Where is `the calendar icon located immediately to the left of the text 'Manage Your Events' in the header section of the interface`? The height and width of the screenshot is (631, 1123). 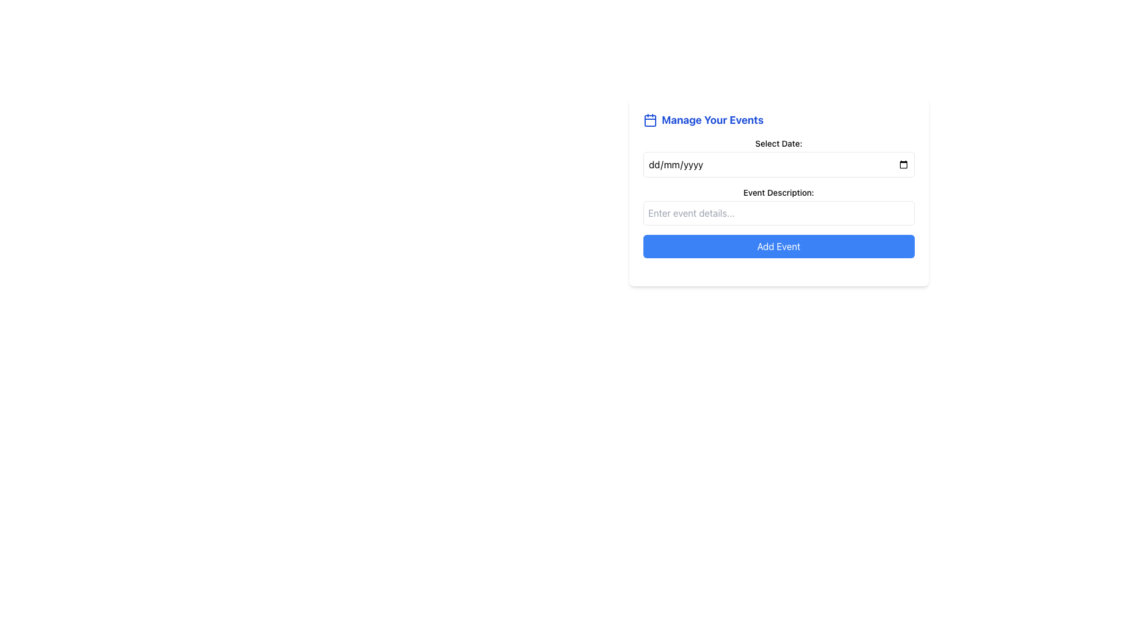 the calendar icon located immediately to the left of the text 'Manage Your Events' in the header section of the interface is located at coordinates (649, 120).